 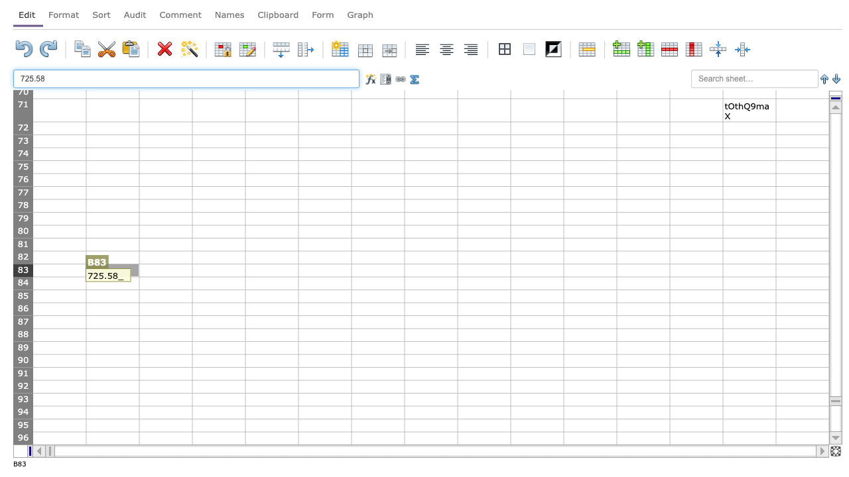 What do you see at coordinates (192, 445) in the screenshot?
I see `Auto-fill point of cell C96` at bounding box center [192, 445].